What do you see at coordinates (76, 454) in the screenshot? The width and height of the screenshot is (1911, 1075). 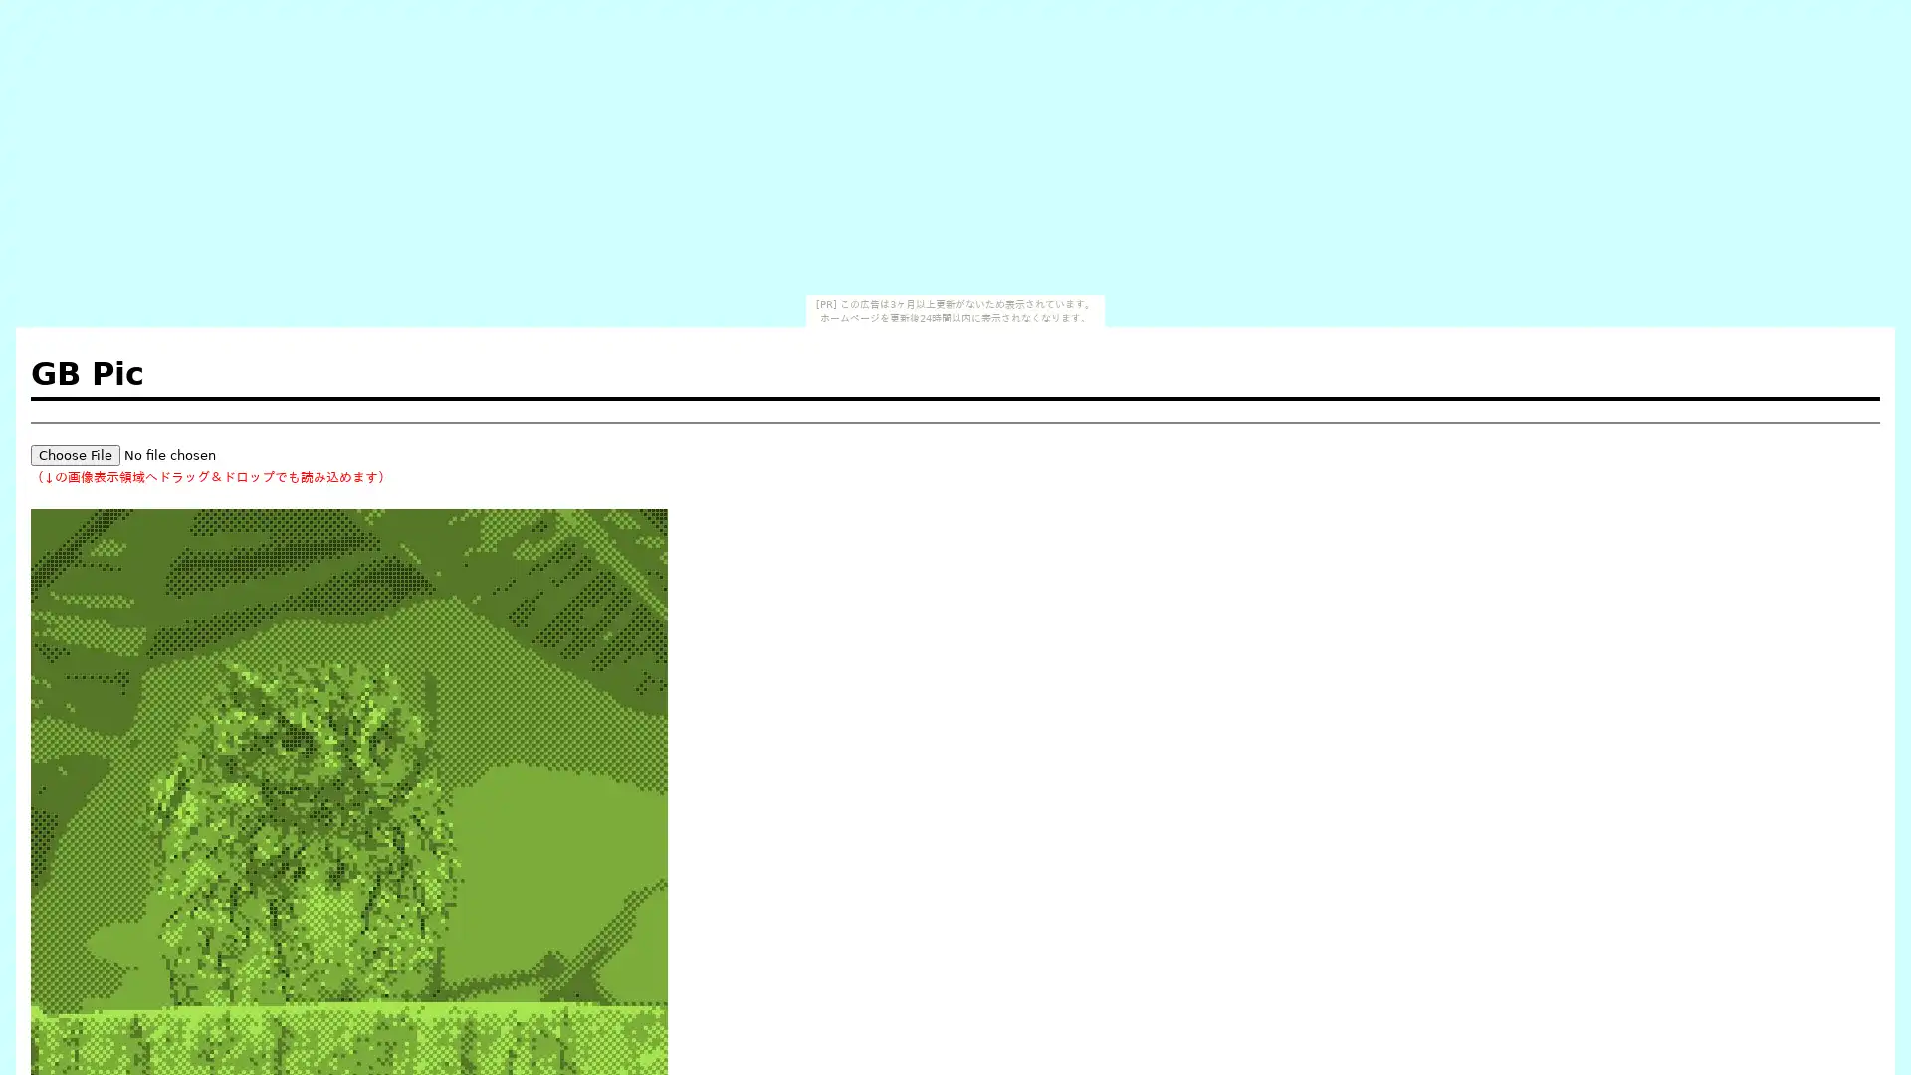 I see `Choose File` at bounding box center [76, 454].